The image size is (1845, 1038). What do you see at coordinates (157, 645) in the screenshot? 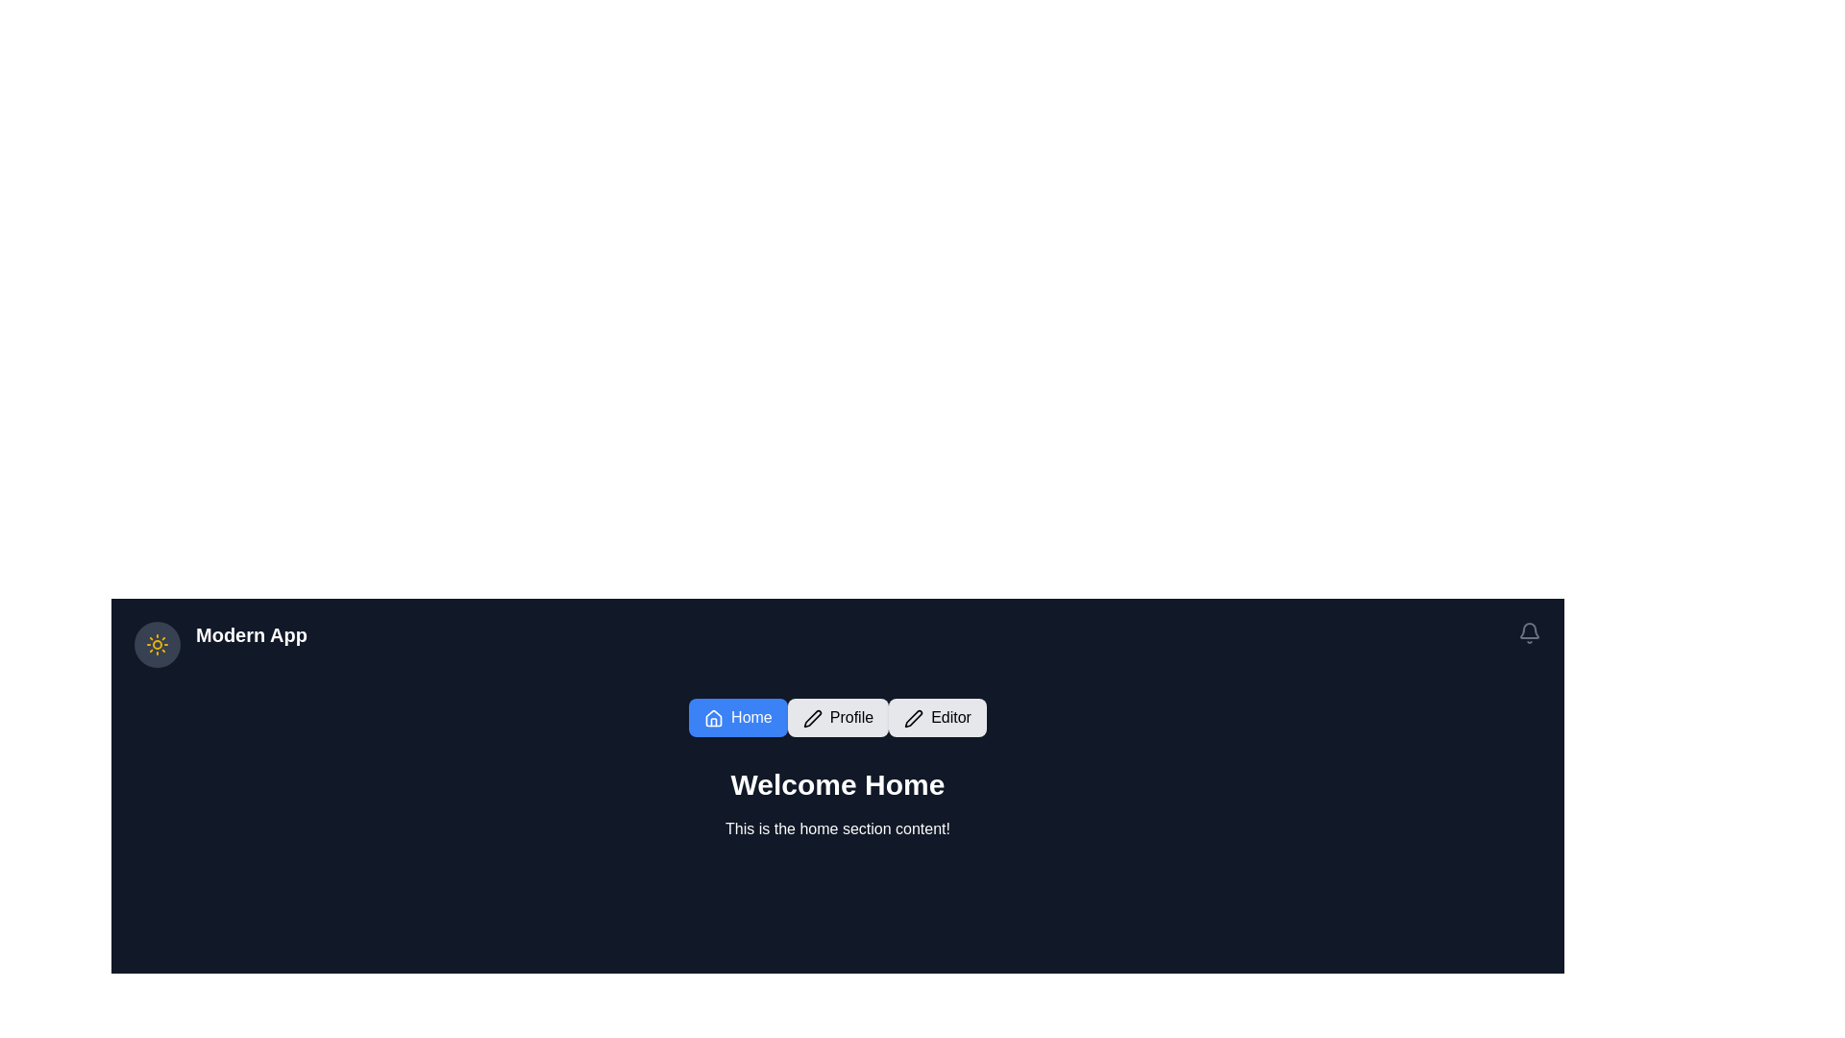
I see `the sun icon located within the circular button at the lower left of the application header for interaction` at bounding box center [157, 645].